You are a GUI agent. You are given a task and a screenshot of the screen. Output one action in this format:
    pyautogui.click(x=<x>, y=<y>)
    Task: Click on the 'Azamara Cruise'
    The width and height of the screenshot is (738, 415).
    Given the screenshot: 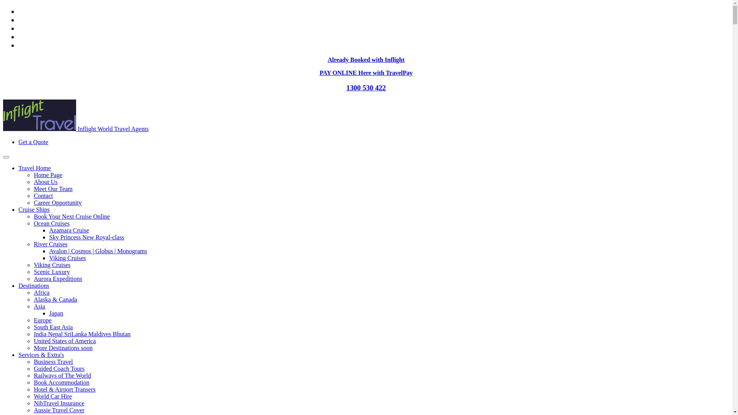 What is the action you would take?
    pyautogui.click(x=69, y=230)
    